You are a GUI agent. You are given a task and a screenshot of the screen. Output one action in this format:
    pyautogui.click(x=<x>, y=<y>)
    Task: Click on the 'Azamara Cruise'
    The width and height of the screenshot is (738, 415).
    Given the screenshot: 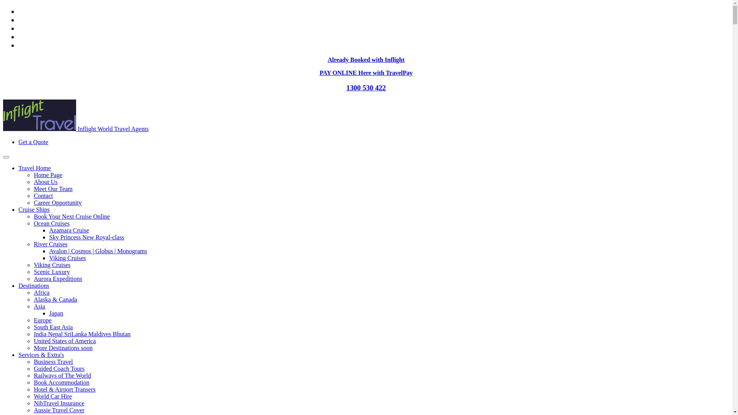 What is the action you would take?
    pyautogui.click(x=69, y=230)
    